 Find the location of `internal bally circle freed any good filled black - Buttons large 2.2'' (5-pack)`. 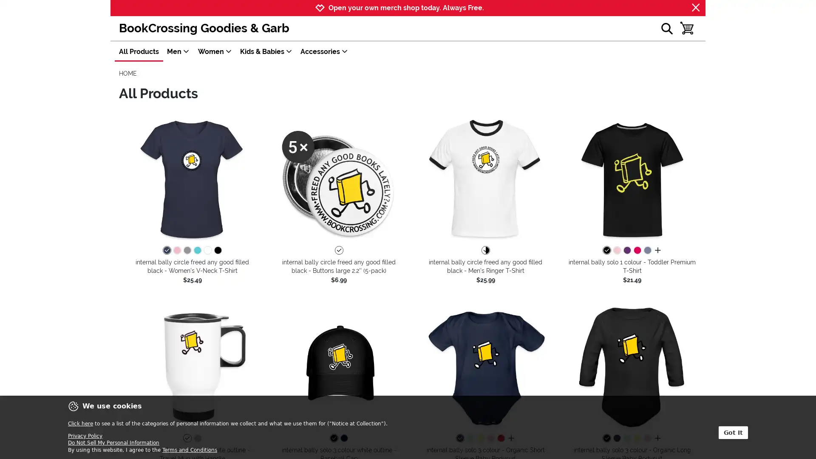

internal bally circle freed any good filled black - Buttons large 2.2'' (5-pack) is located at coordinates (338, 178).